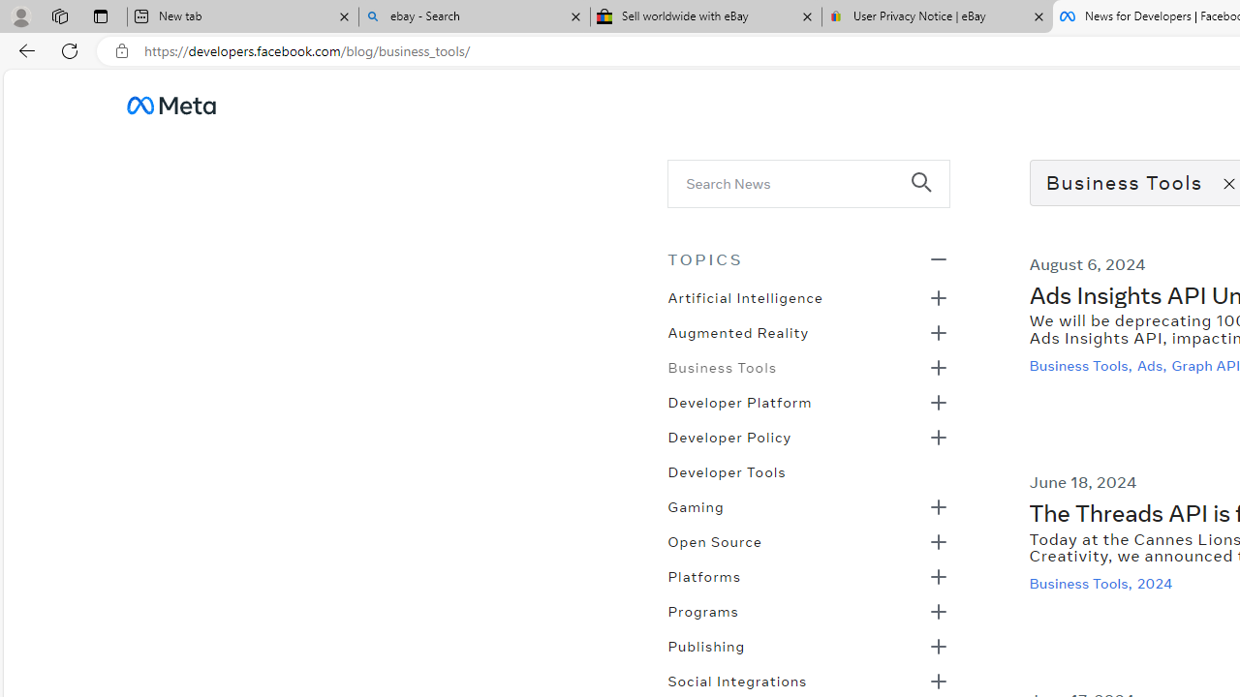 This screenshot has width=1240, height=697. I want to click on '2024', so click(1157, 582).